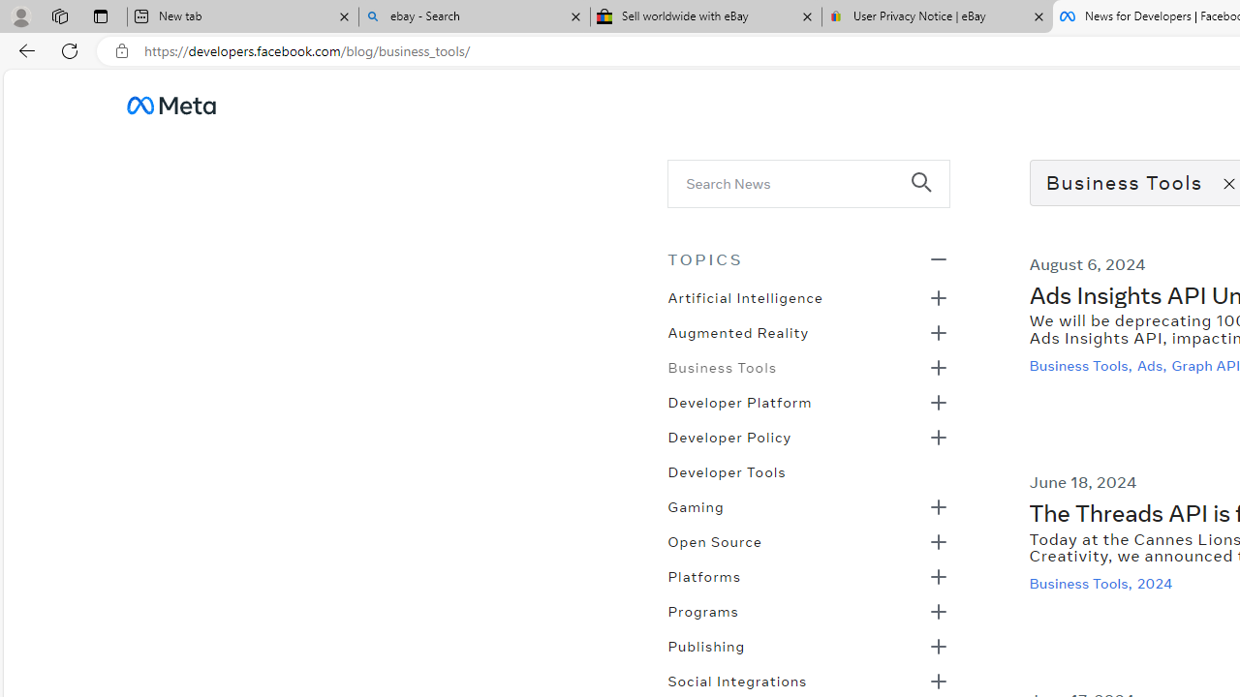 This screenshot has width=1240, height=697. I want to click on '2024', so click(1157, 582).